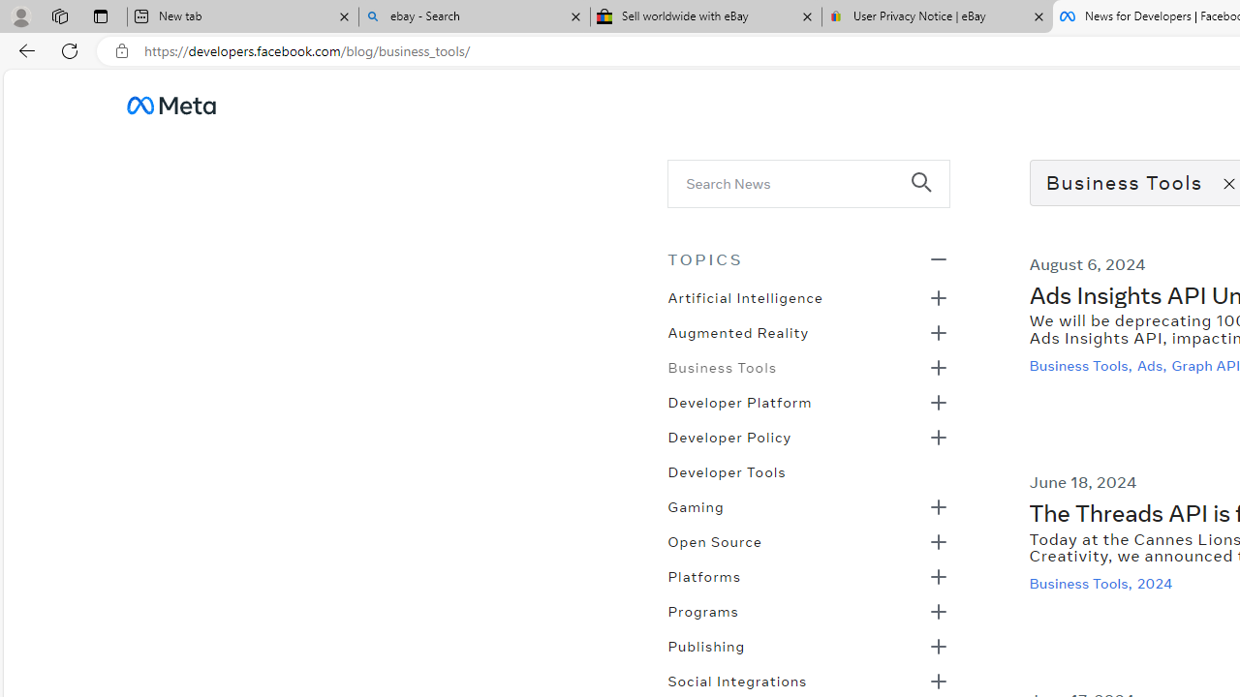 This screenshot has width=1240, height=697. I want to click on '2024', so click(1157, 582).